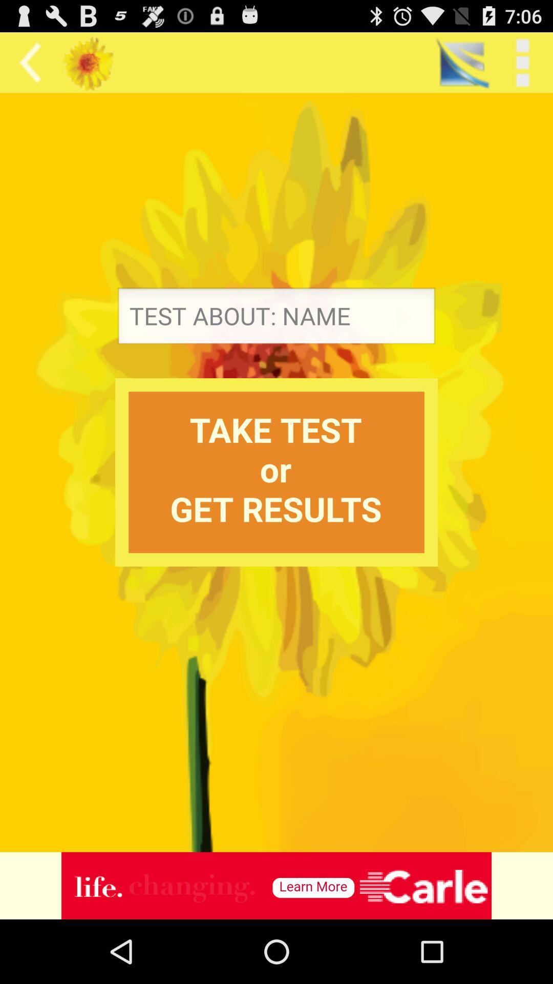 This screenshot has width=553, height=984. Describe the element at coordinates (276, 318) in the screenshot. I see `name` at that location.